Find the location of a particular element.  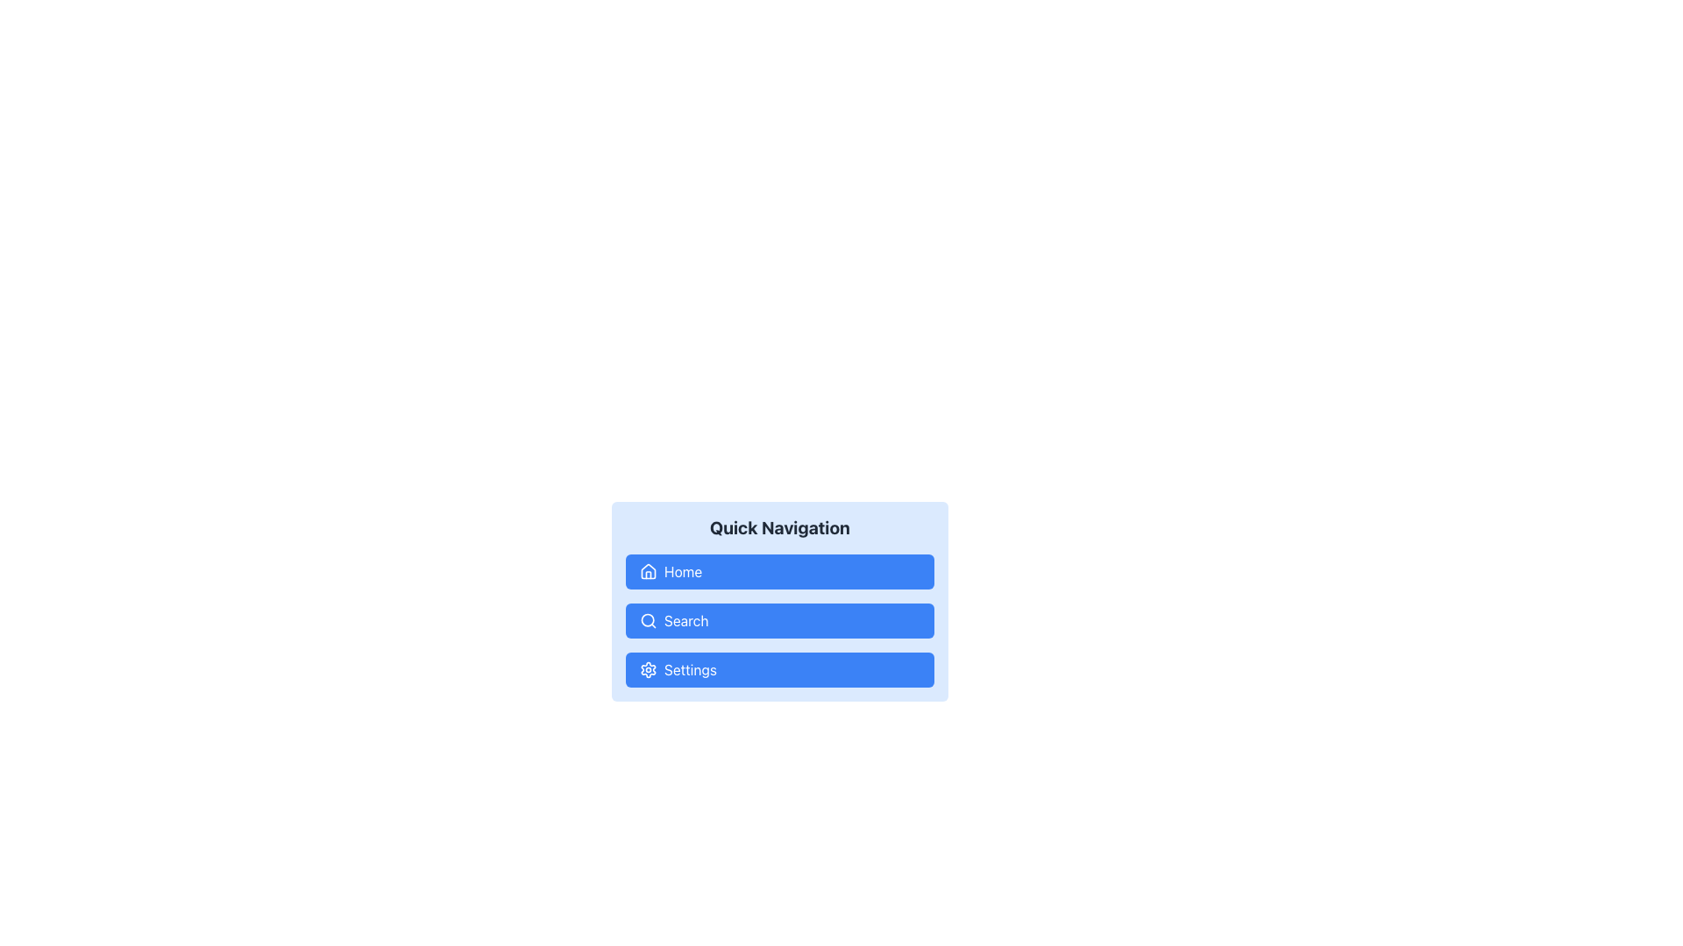

the 'Settings' text label within the blue button in the 'Quick Navigation' menu, which features a gear icon above it is located at coordinates (689, 669).